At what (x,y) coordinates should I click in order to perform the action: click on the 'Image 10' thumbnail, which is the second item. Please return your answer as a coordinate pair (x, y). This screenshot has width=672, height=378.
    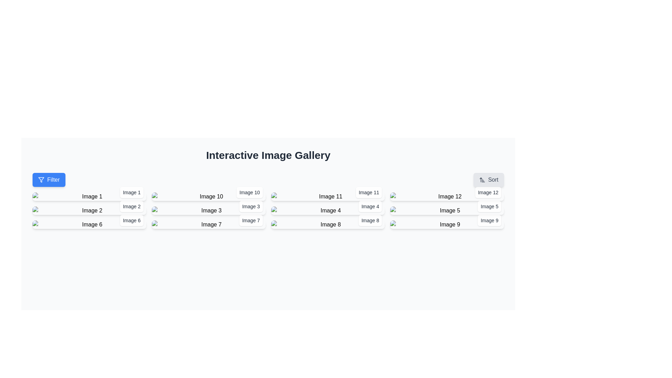
    Looking at the image, I should click on (208, 197).